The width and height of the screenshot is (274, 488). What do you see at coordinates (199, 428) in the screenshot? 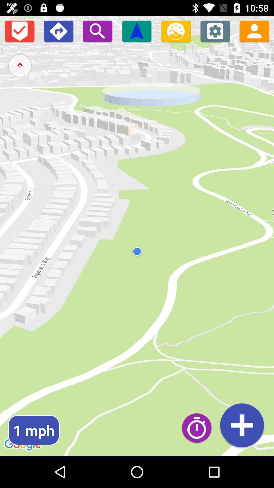
I see `set time` at bounding box center [199, 428].